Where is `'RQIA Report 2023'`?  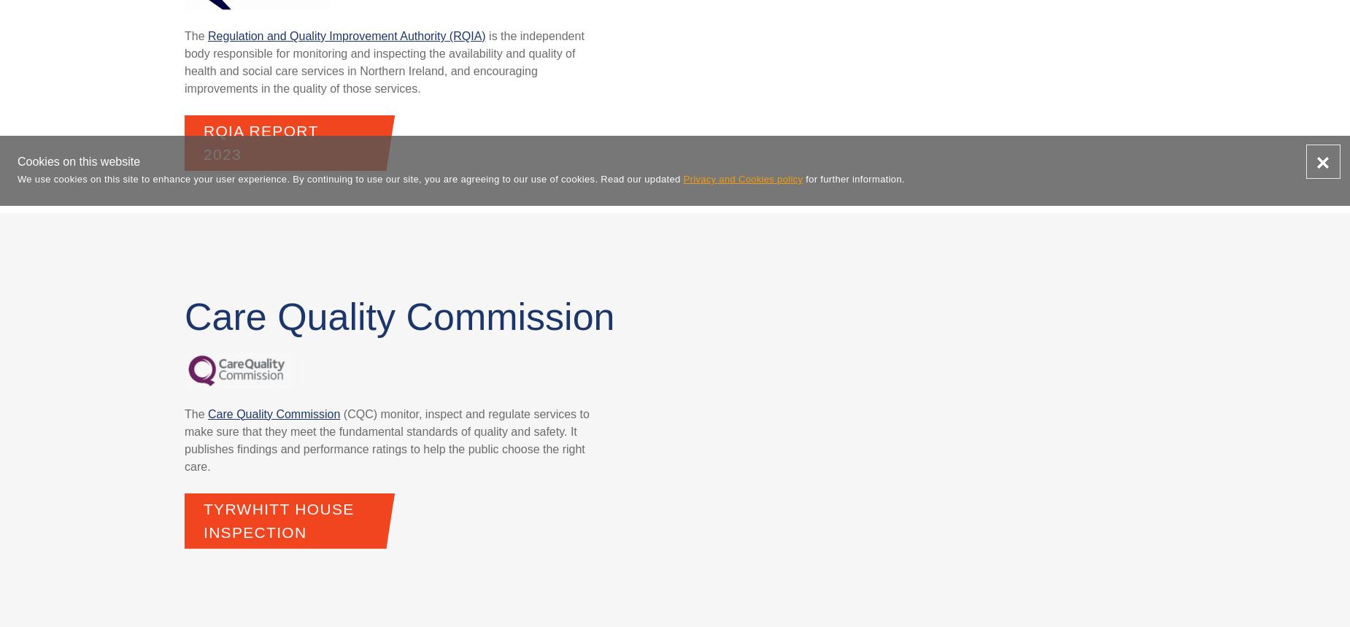 'RQIA Report 2023' is located at coordinates (260, 142).